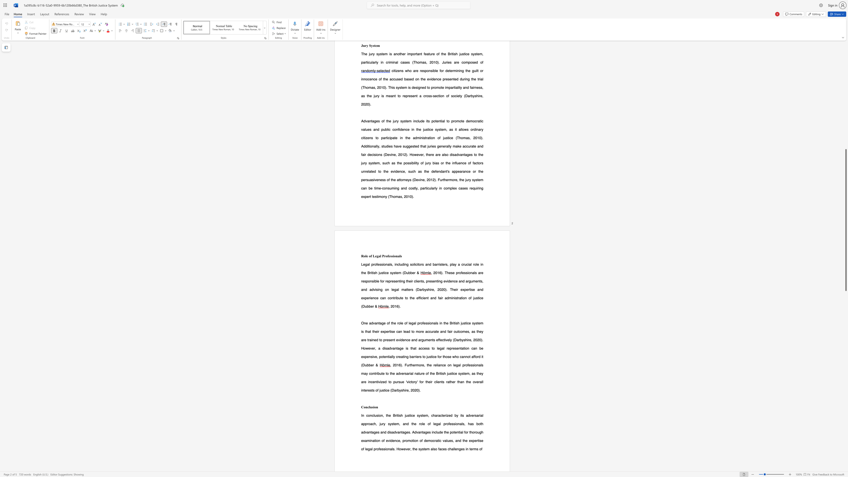  Describe the element at coordinates (469, 365) in the screenshot. I see `the 7th character "e" in the text` at that location.